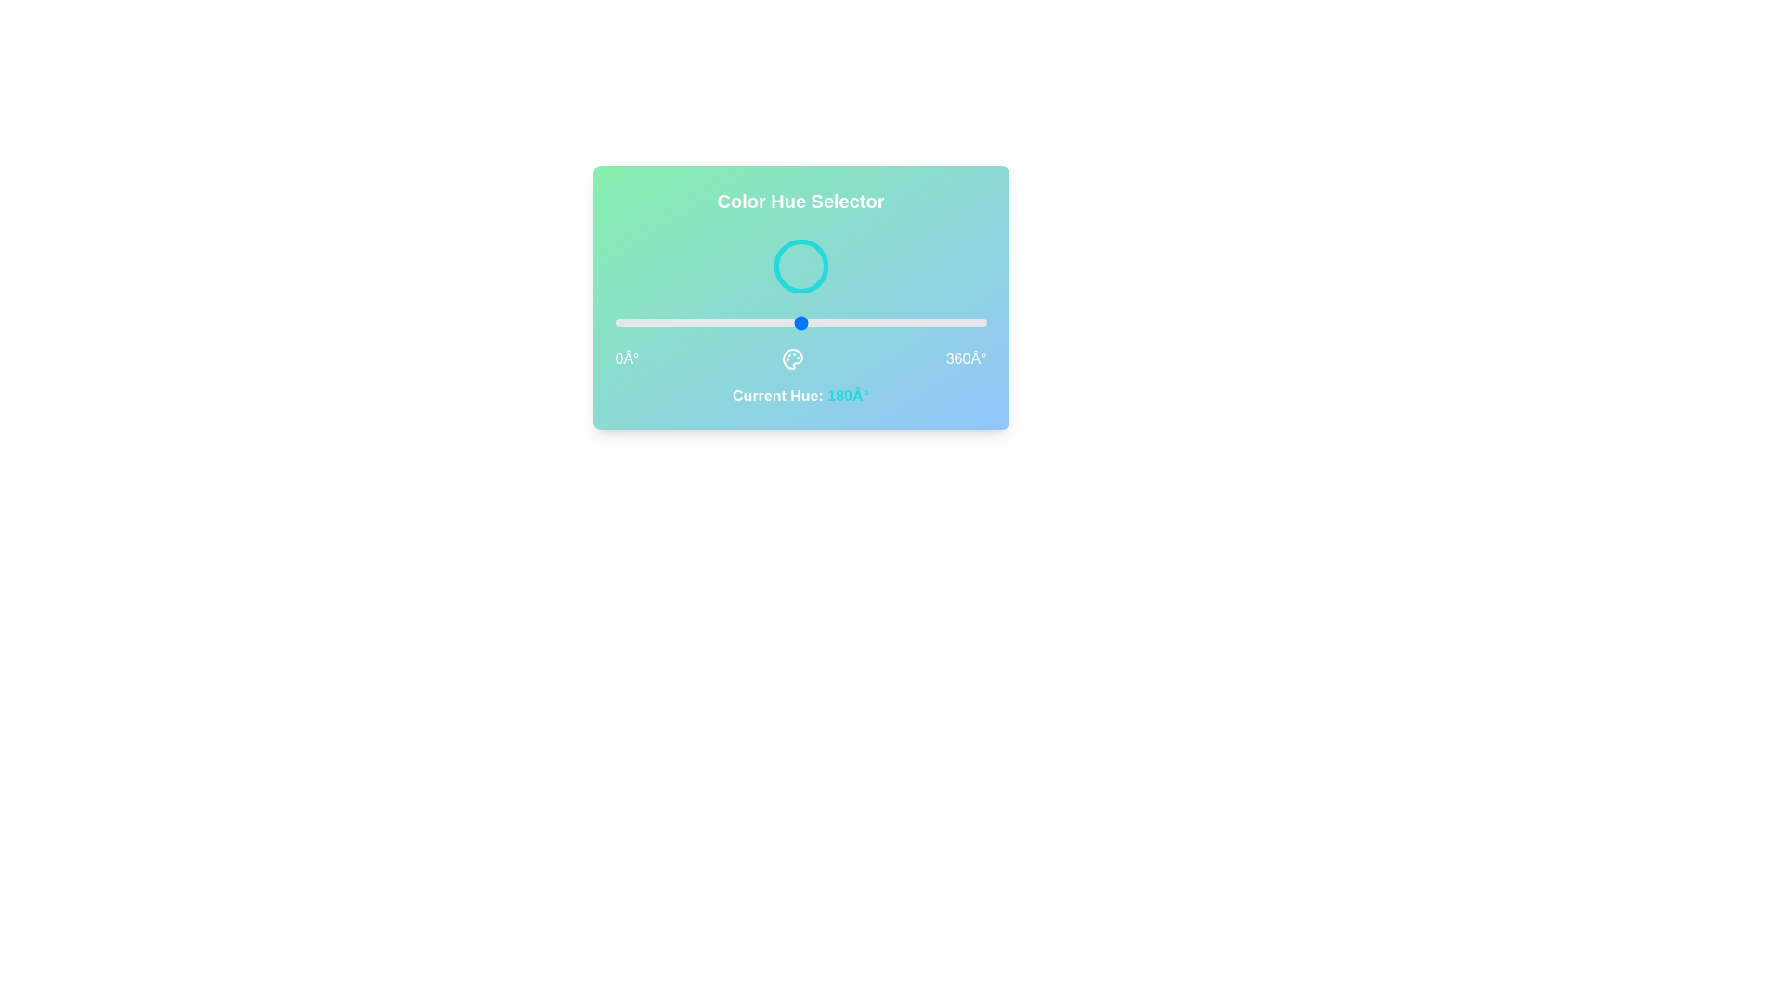 This screenshot has width=1783, height=1003. What do you see at coordinates (875, 321) in the screenshot?
I see `the hue to 253° by dragging the slider` at bounding box center [875, 321].